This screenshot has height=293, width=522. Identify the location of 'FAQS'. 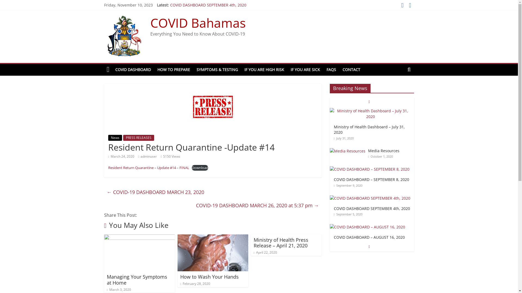
(331, 69).